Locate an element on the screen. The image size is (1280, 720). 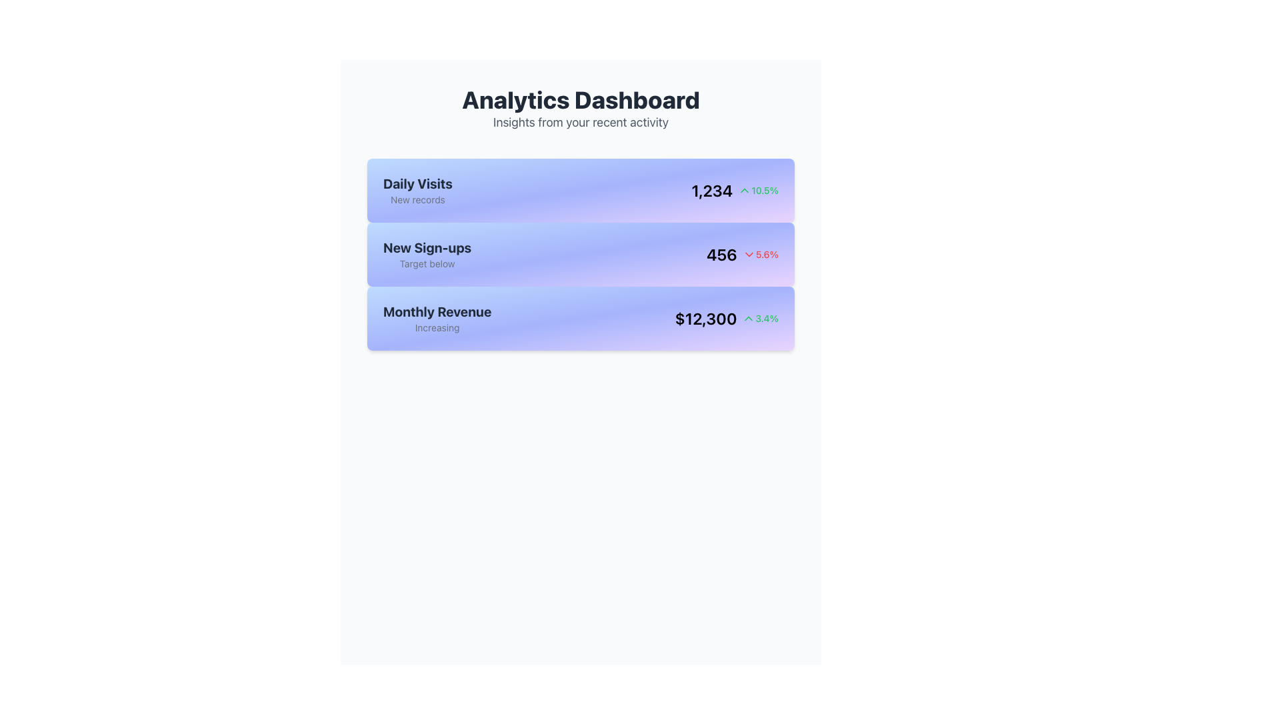
the 'Daily Visits' text label, which features a bolded title in dark gray and a subtitle in lighter gray, located on the left side of the topmost card is located at coordinates (417, 190).